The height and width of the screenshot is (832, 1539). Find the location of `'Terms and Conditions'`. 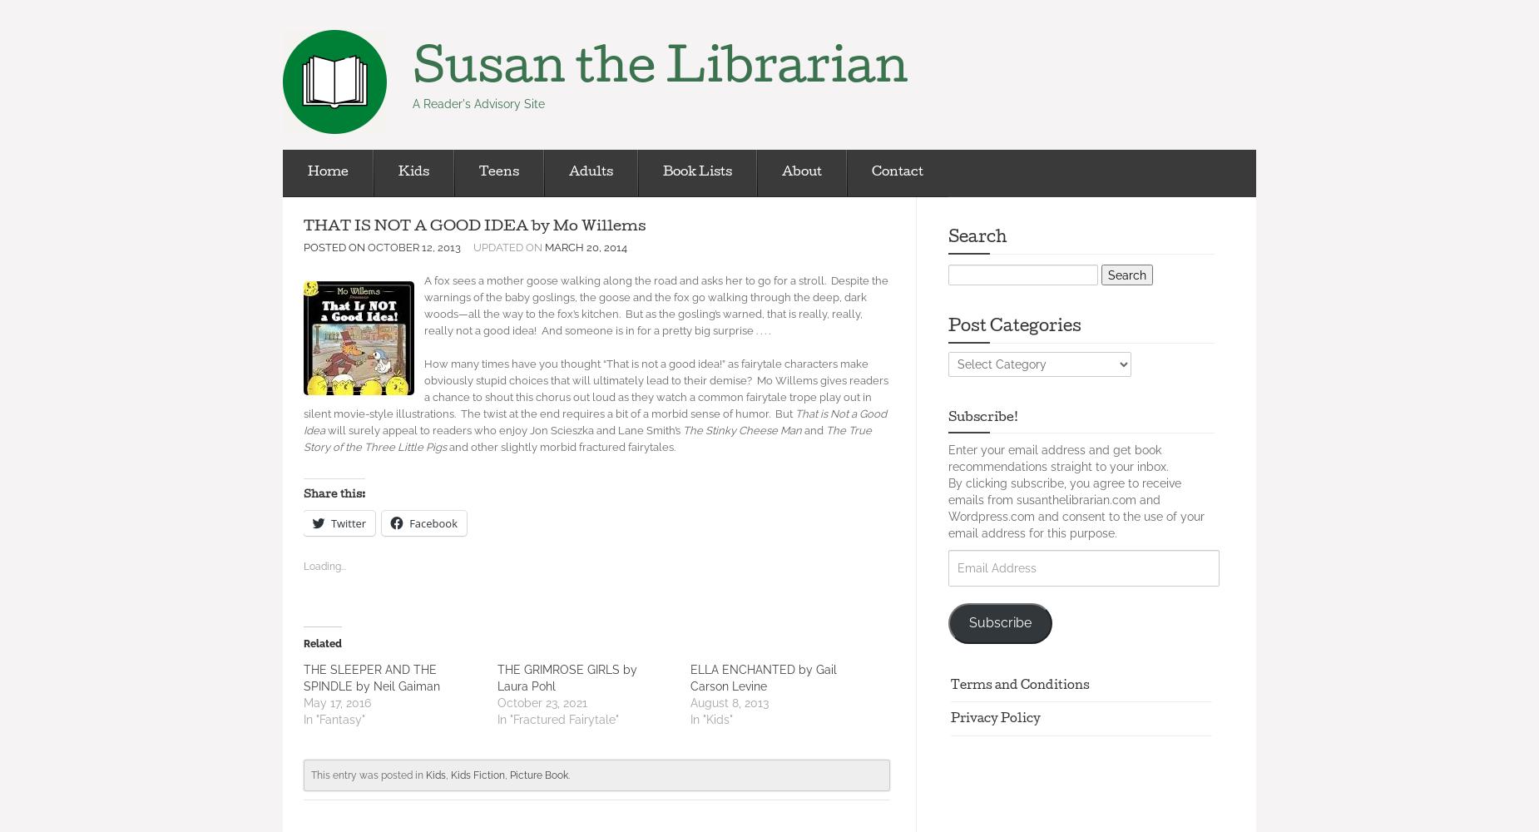

'Terms and Conditions' is located at coordinates (949, 685).